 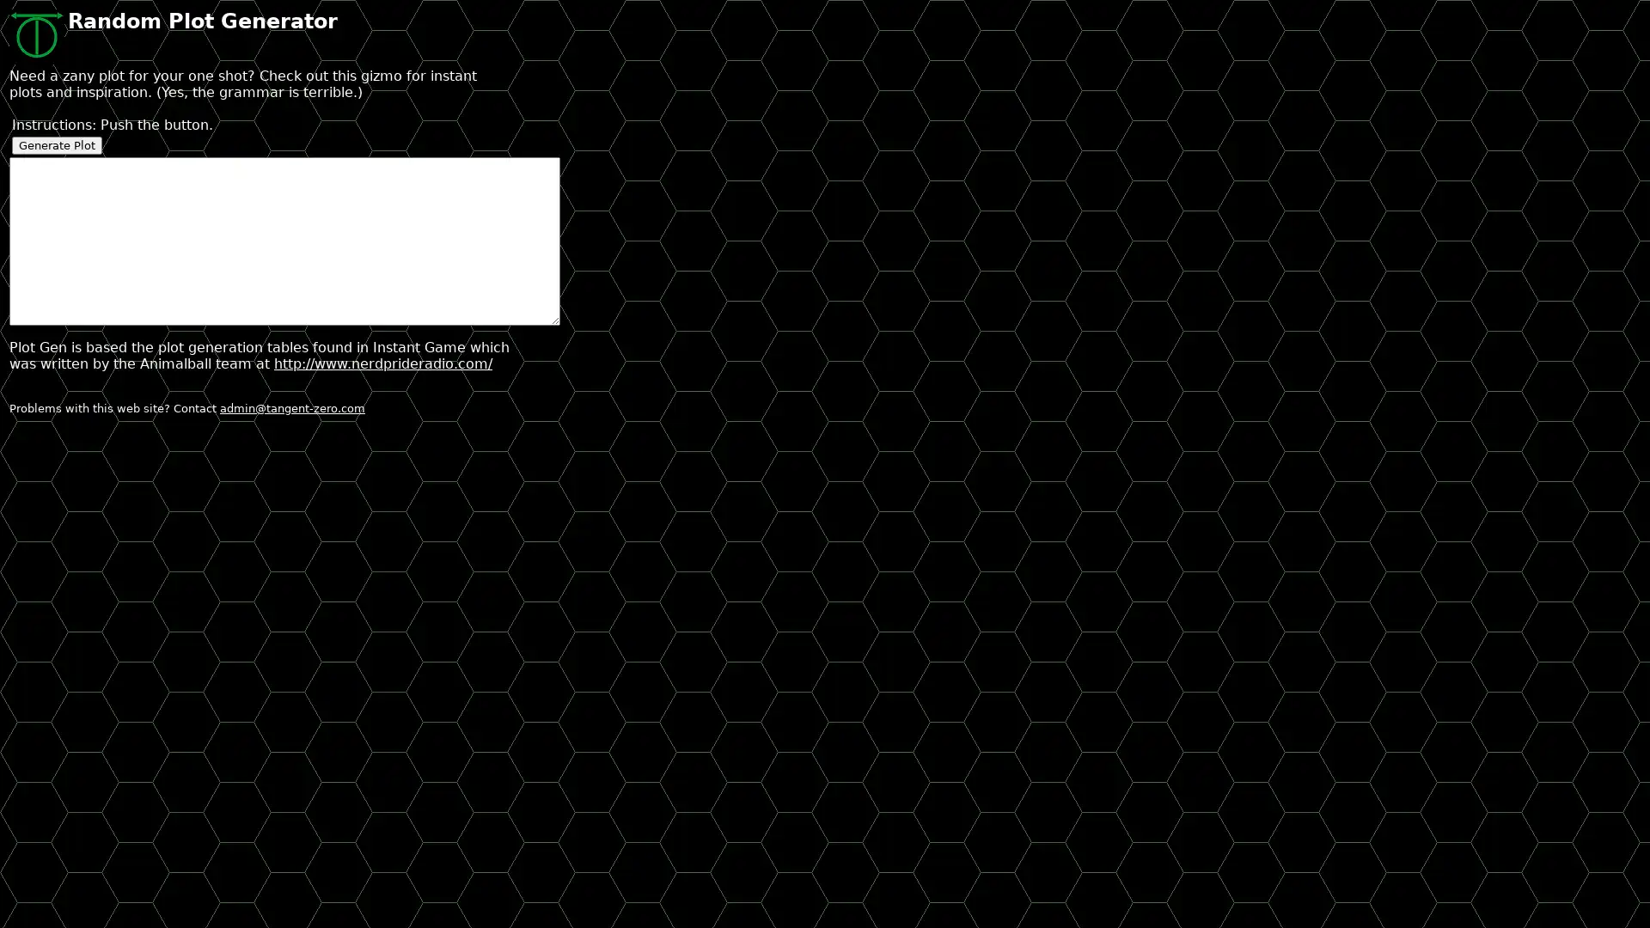 What do you see at coordinates (57, 144) in the screenshot?
I see `Generate Plot` at bounding box center [57, 144].